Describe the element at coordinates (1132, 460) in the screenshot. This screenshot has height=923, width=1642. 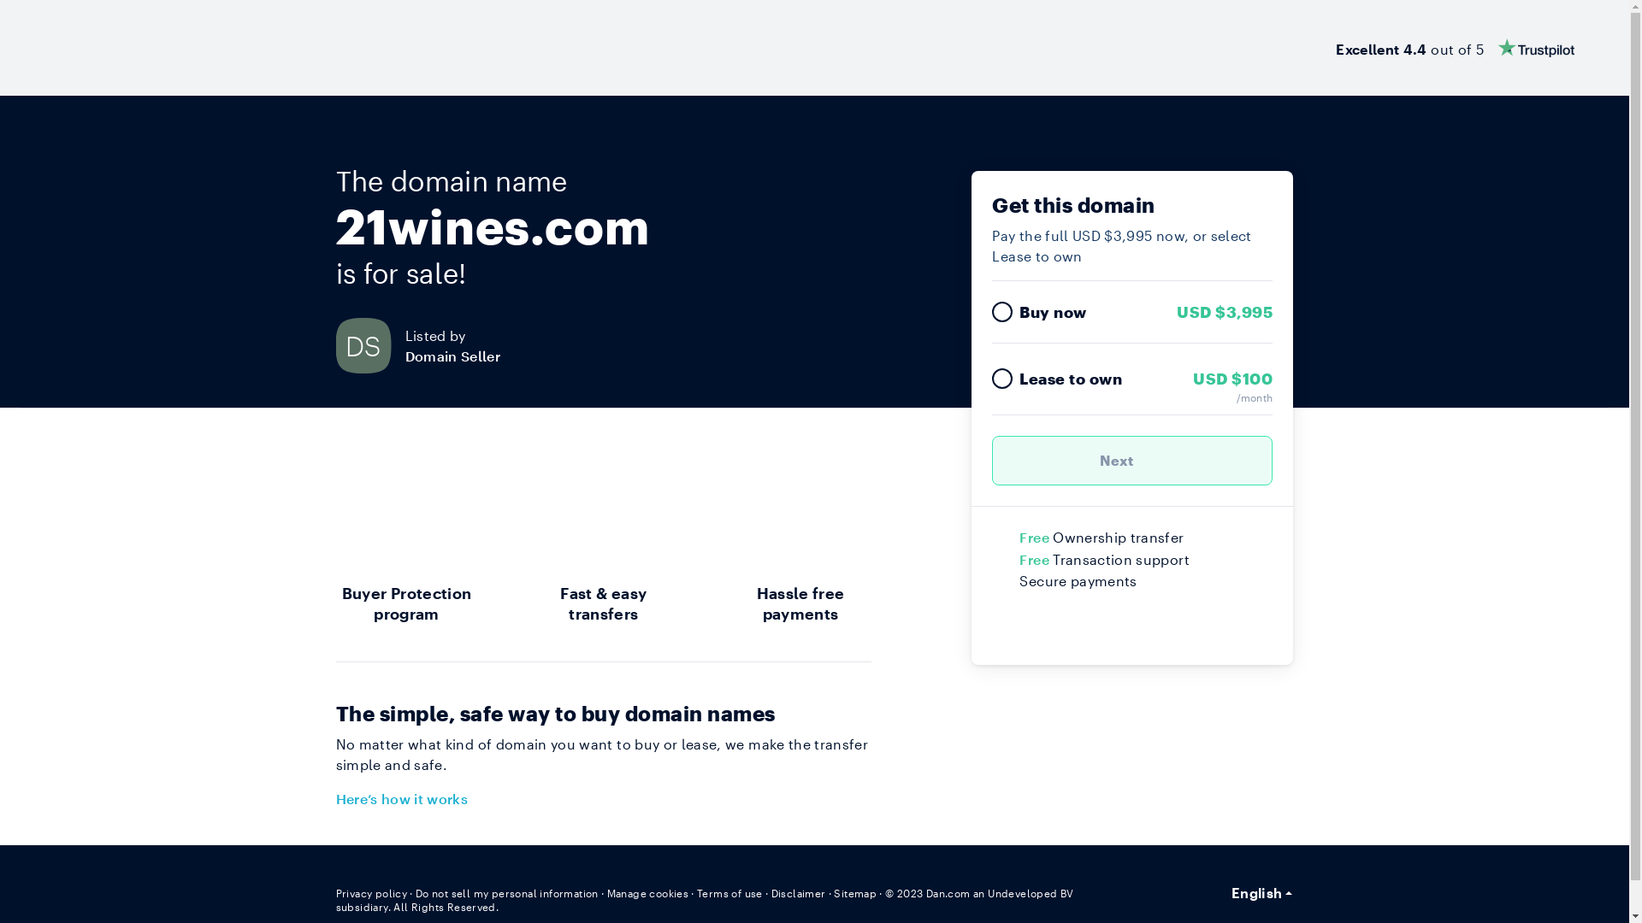
I see `'Next` at that location.